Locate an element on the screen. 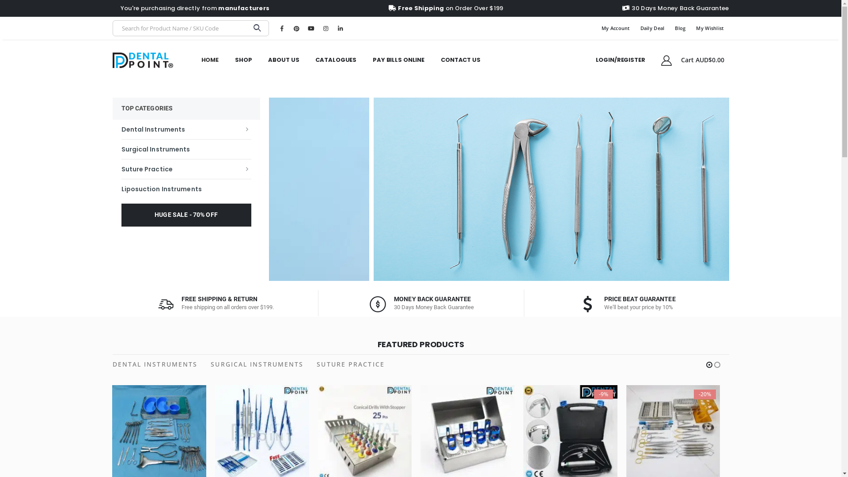 Image resolution: width=848 pixels, height=477 pixels. 'SURGICAL INSTRUMENTS' is located at coordinates (256, 364).